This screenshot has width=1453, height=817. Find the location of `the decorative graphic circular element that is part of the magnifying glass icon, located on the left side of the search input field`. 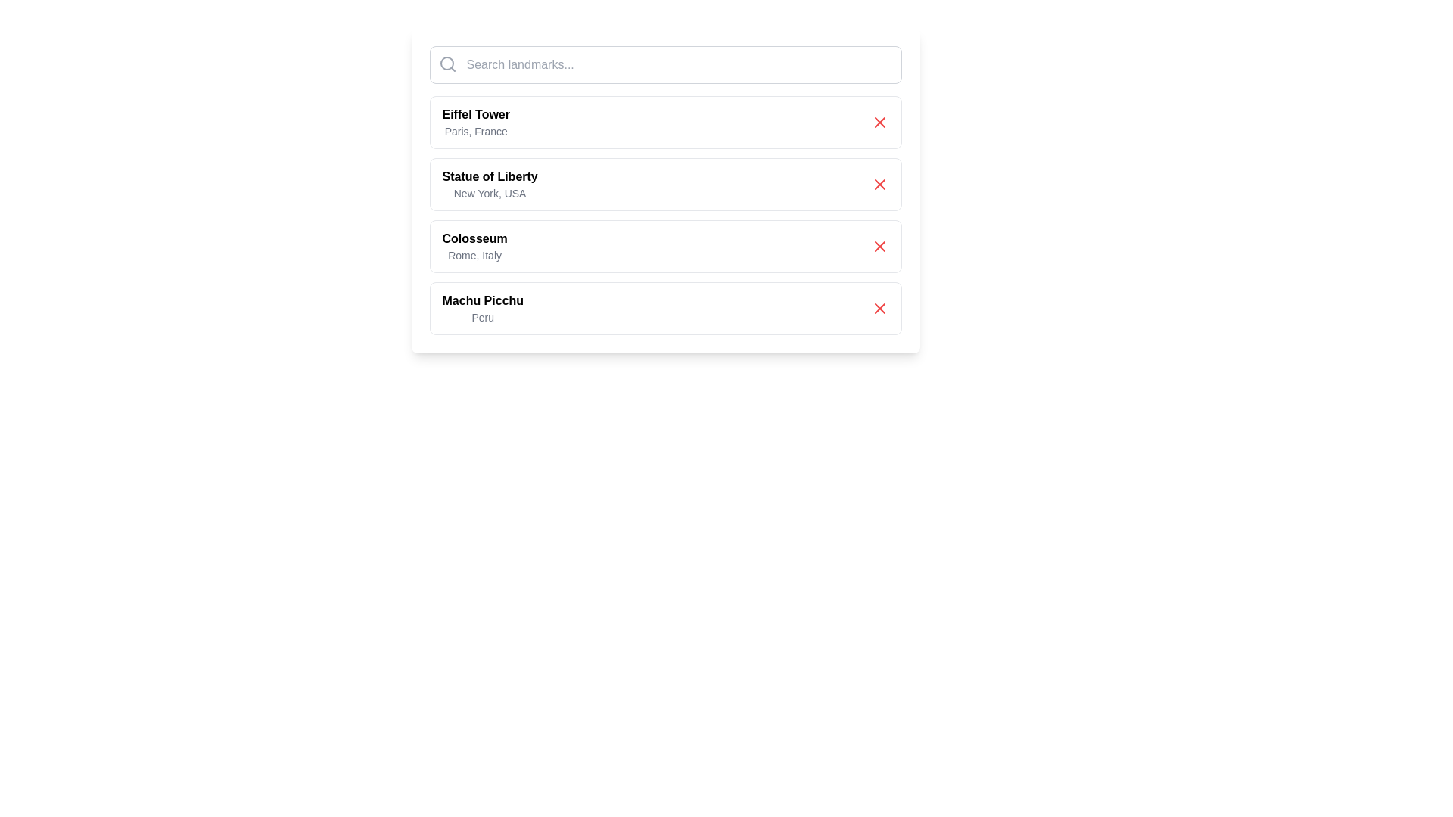

the decorative graphic circular element that is part of the magnifying glass icon, located on the left side of the search input field is located at coordinates (446, 63).